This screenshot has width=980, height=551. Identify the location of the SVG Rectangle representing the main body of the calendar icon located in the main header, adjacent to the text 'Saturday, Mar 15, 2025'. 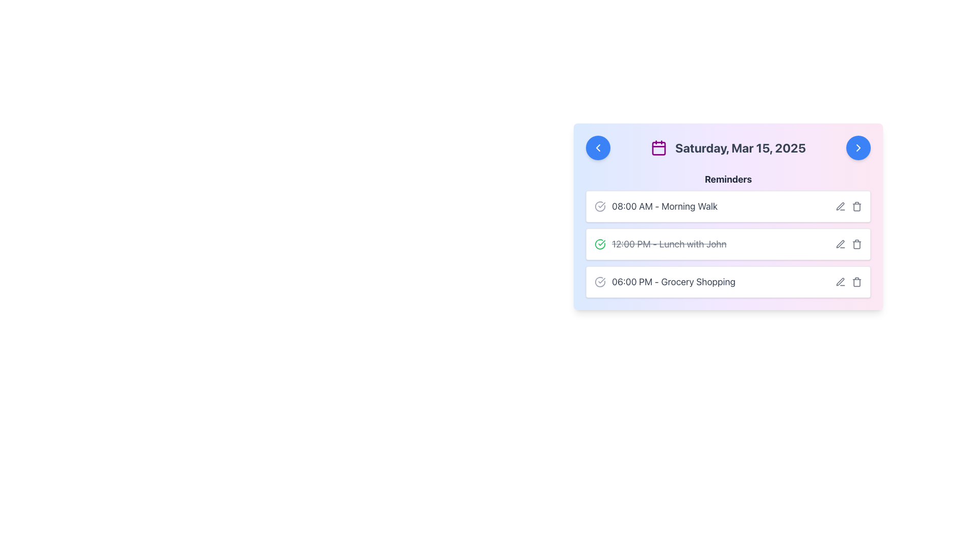
(659, 148).